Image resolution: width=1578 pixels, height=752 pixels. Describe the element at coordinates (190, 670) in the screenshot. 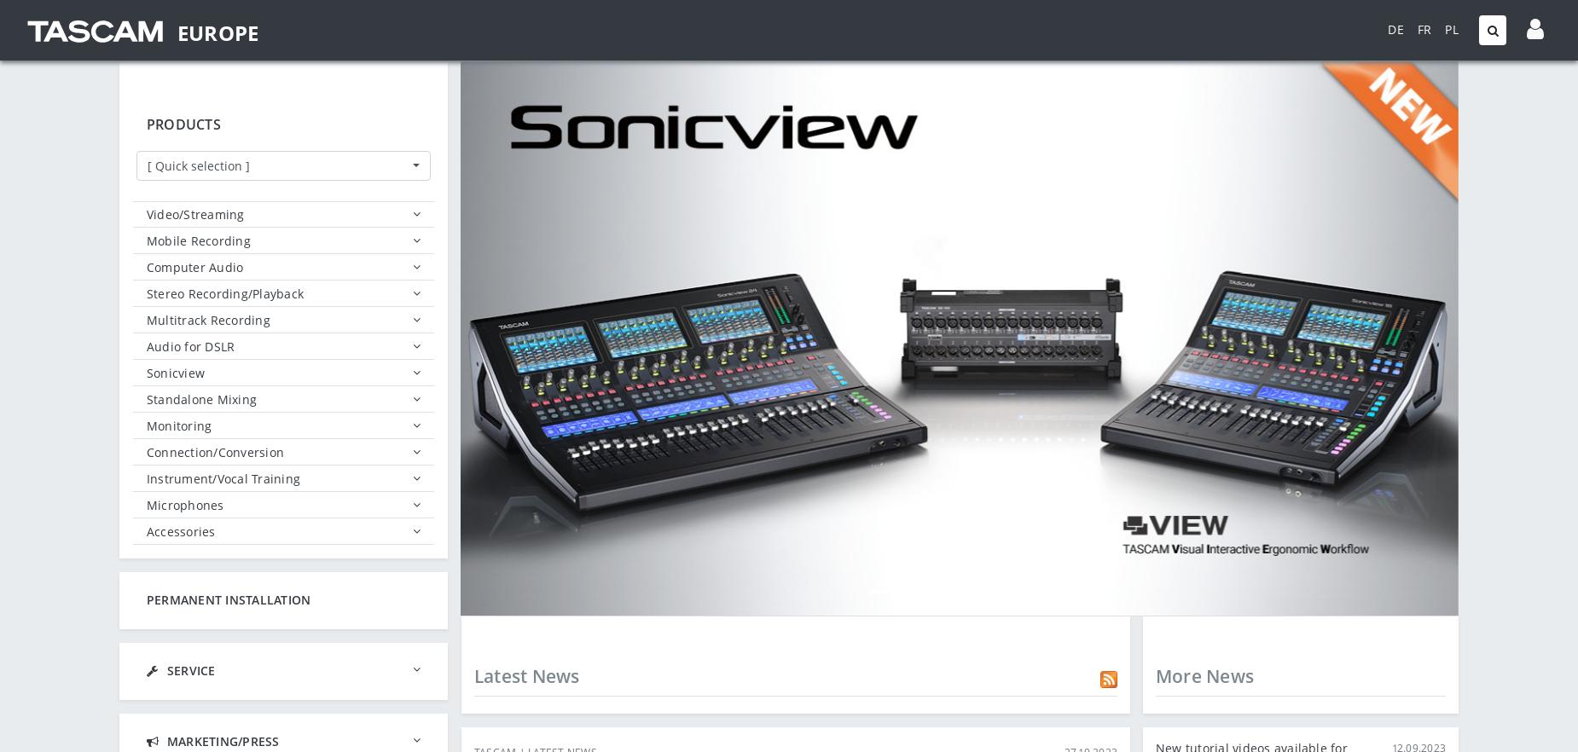

I see `'Service'` at that location.